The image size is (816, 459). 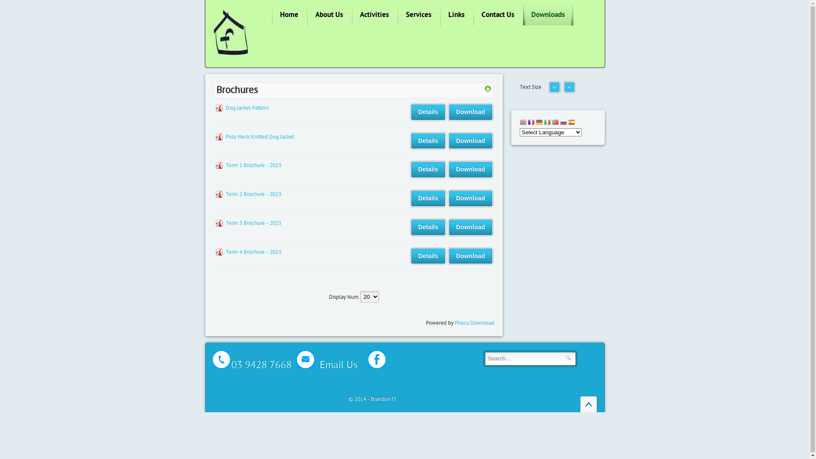 What do you see at coordinates (527, 123) in the screenshot?
I see `'French'` at bounding box center [527, 123].